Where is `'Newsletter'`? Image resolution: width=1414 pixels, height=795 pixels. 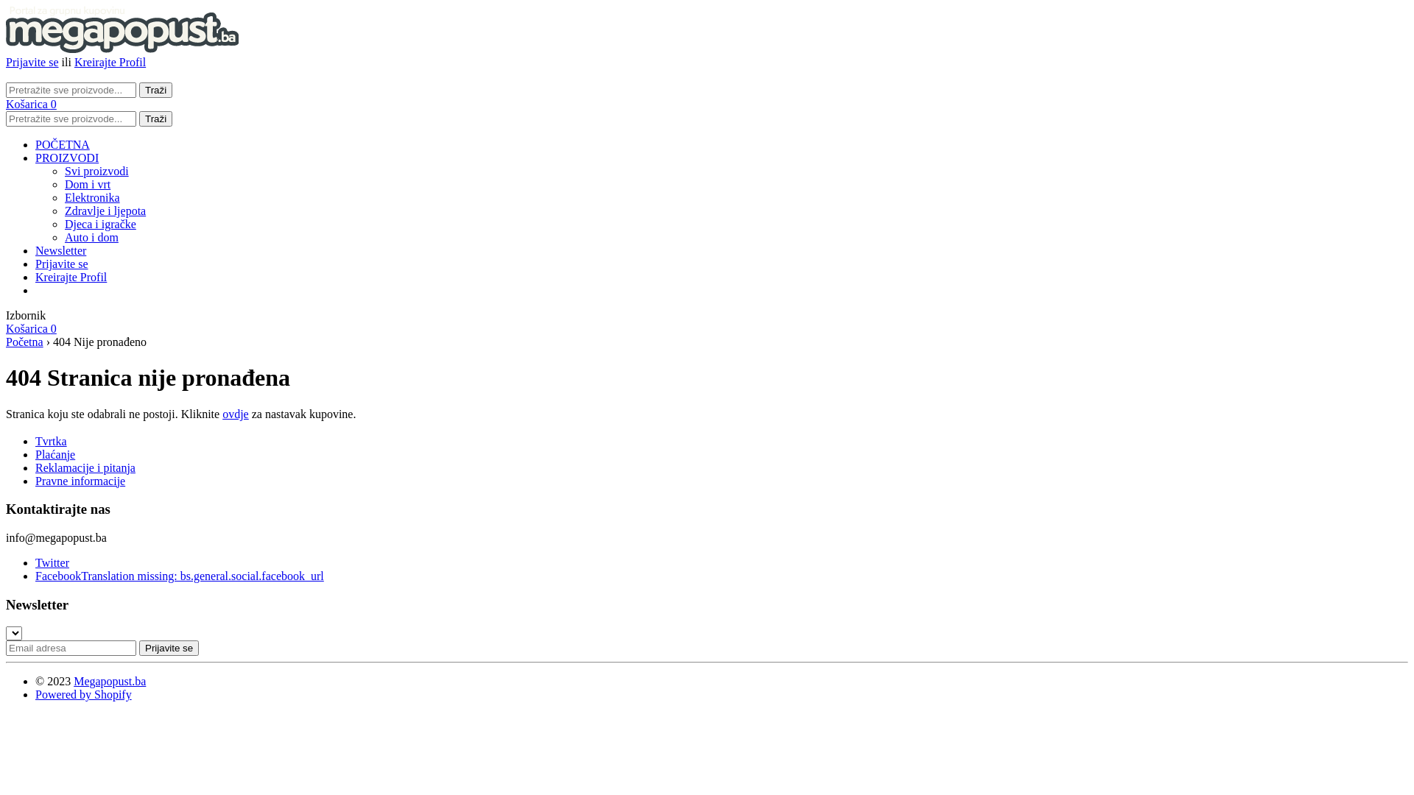
'Newsletter' is located at coordinates (60, 250).